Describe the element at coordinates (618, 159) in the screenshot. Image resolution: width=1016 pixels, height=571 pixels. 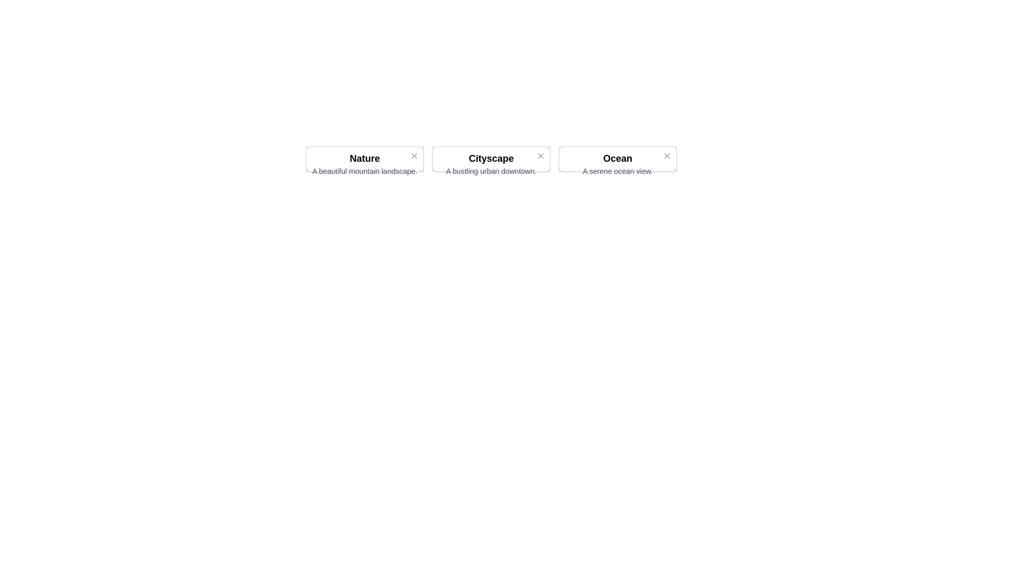
I see `text label representing the 'Ocean' category, which is the third tab in the navigation bar` at that location.